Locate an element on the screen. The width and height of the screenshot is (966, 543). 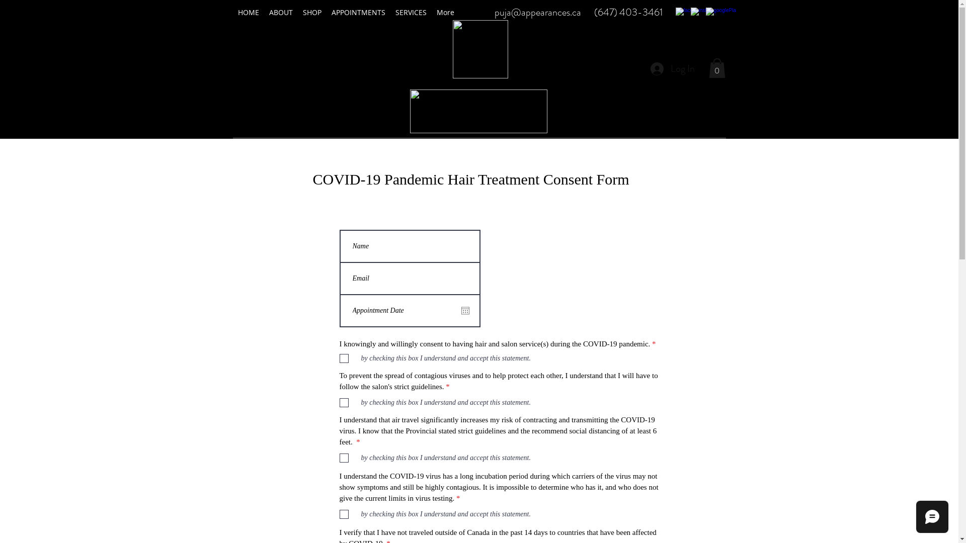
'0' is located at coordinates (716, 68).